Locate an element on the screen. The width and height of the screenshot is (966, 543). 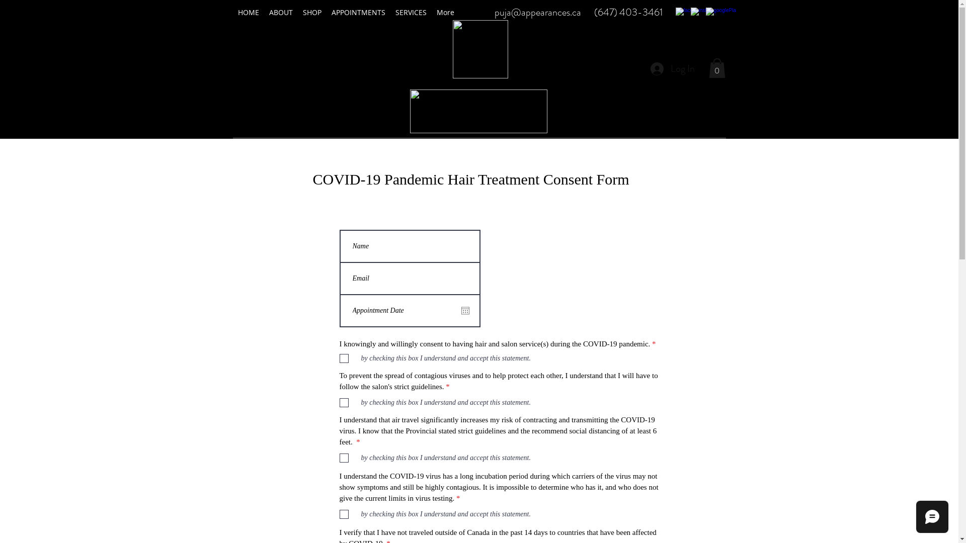
'0' is located at coordinates (716, 68).